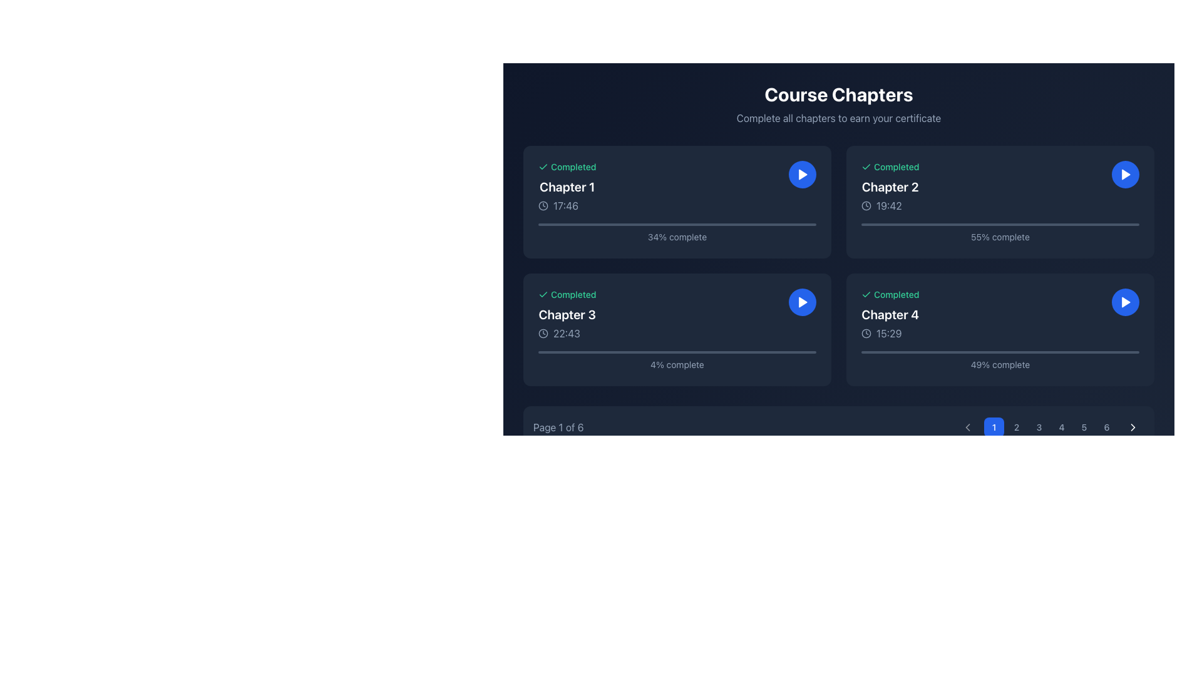 The height and width of the screenshot is (676, 1202). I want to click on the left-pointing chevron icon located at the bottom-right corner of the interface, so click(967, 426).